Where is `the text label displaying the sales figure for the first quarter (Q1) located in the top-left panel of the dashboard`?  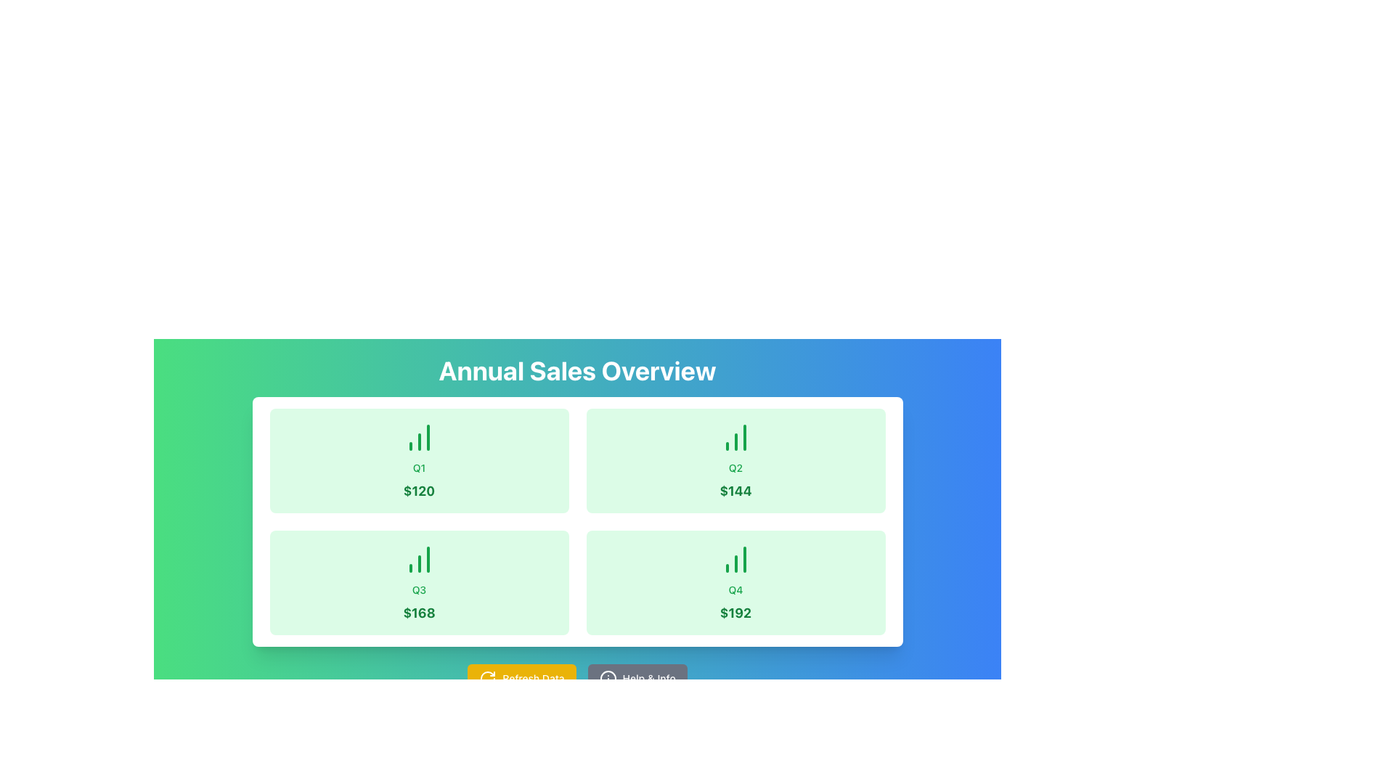 the text label displaying the sales figure for the first quarter (Q1) located in the top-left panel of the dashboard is located at coordinates (418, 491).